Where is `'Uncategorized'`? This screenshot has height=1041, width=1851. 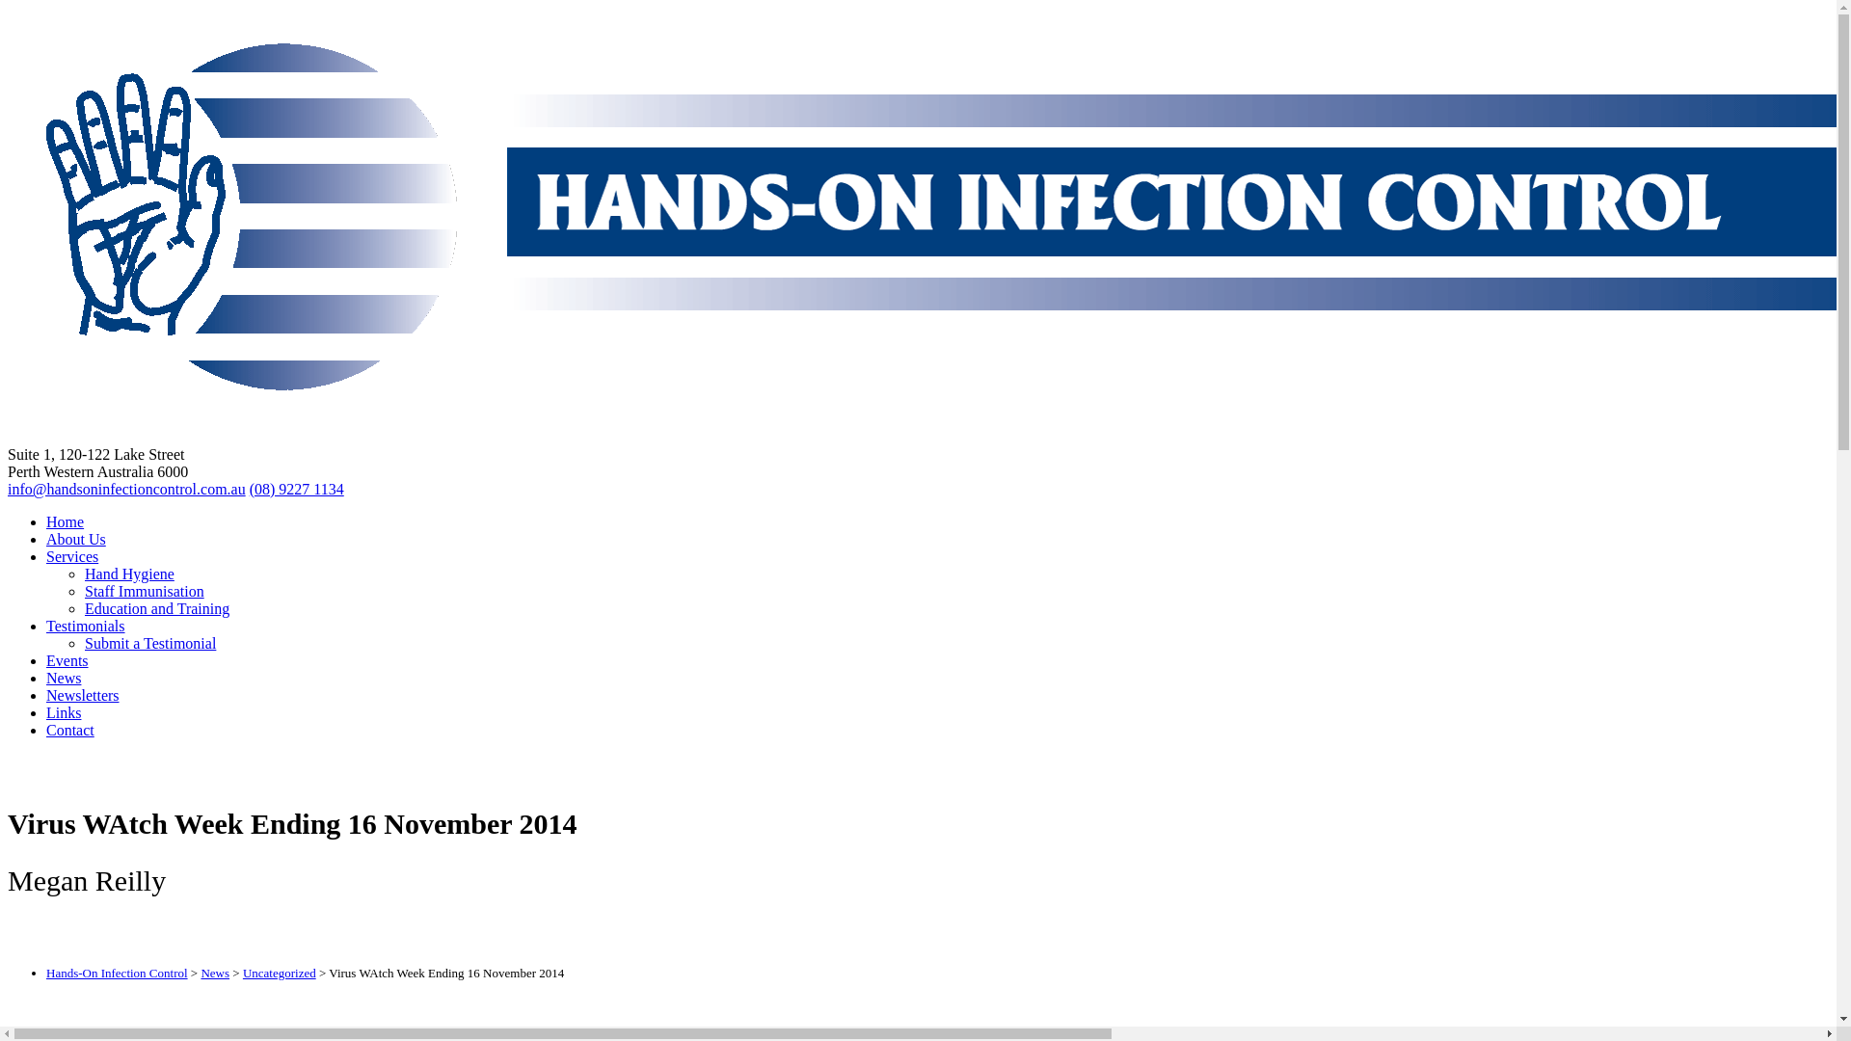 'Uncategorized' is located at coordinates (278, 973).